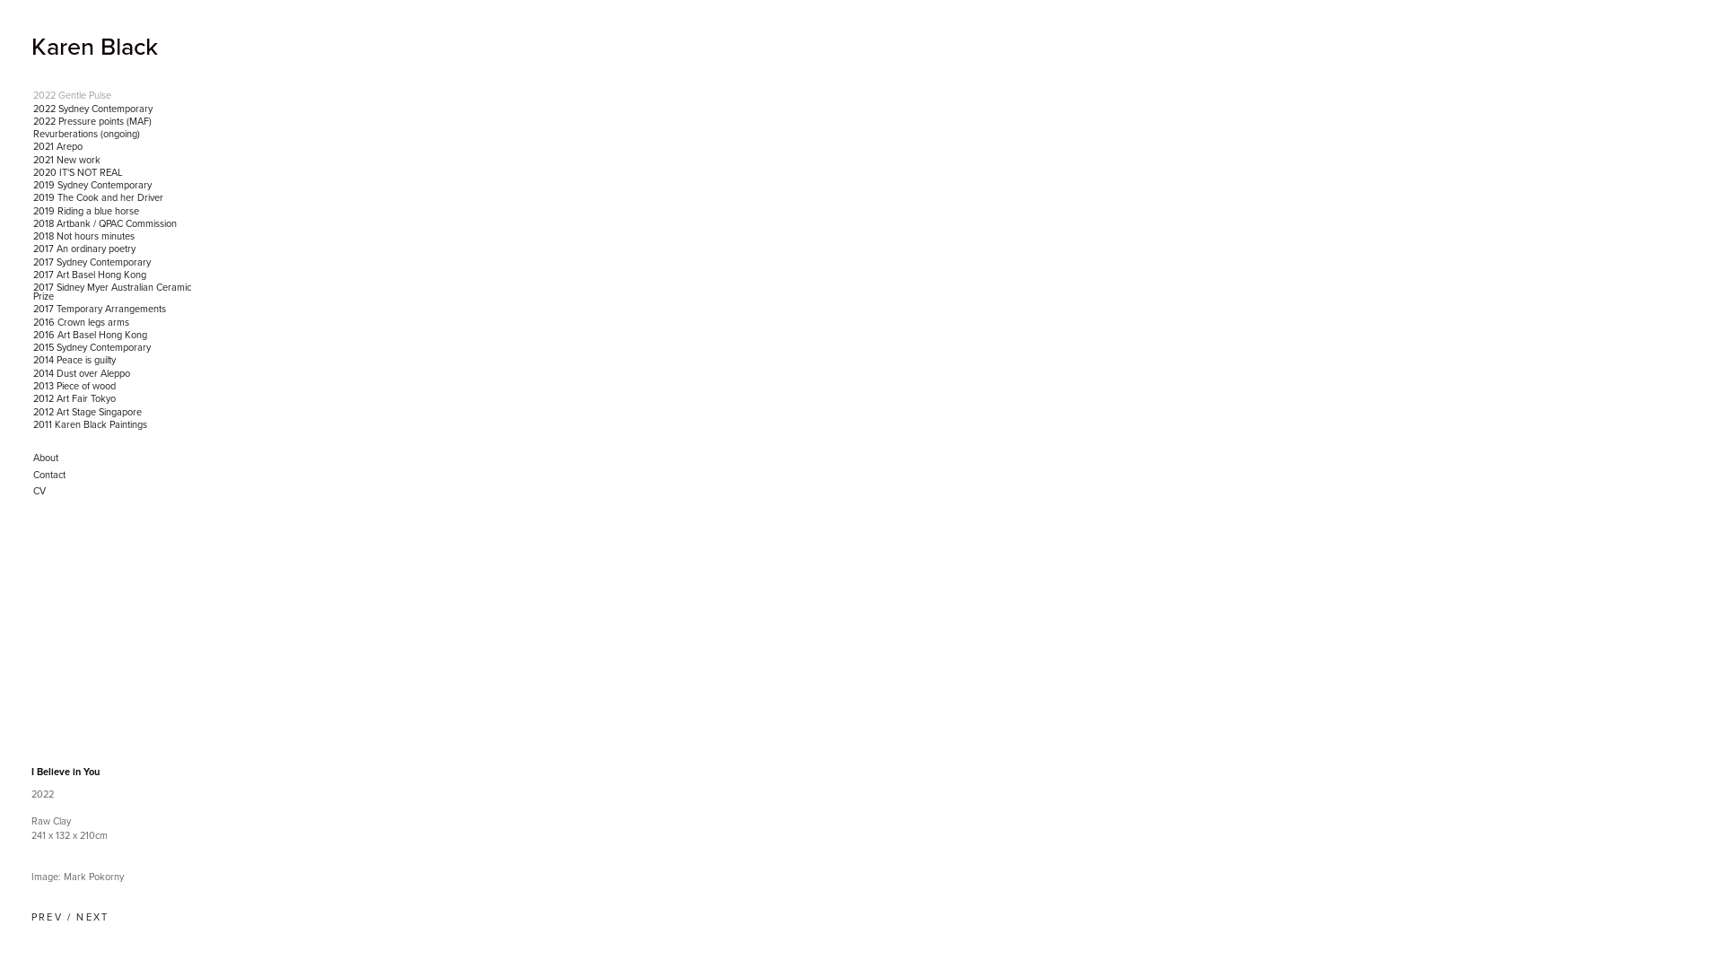 The width and height of the screenshot is (1723, 969). What do you see at coordinates (115, 292) in the screenshot?
I see `'2017 Sidney Myer Australian Ceramic Prize'` at bounding box center [115, 292].